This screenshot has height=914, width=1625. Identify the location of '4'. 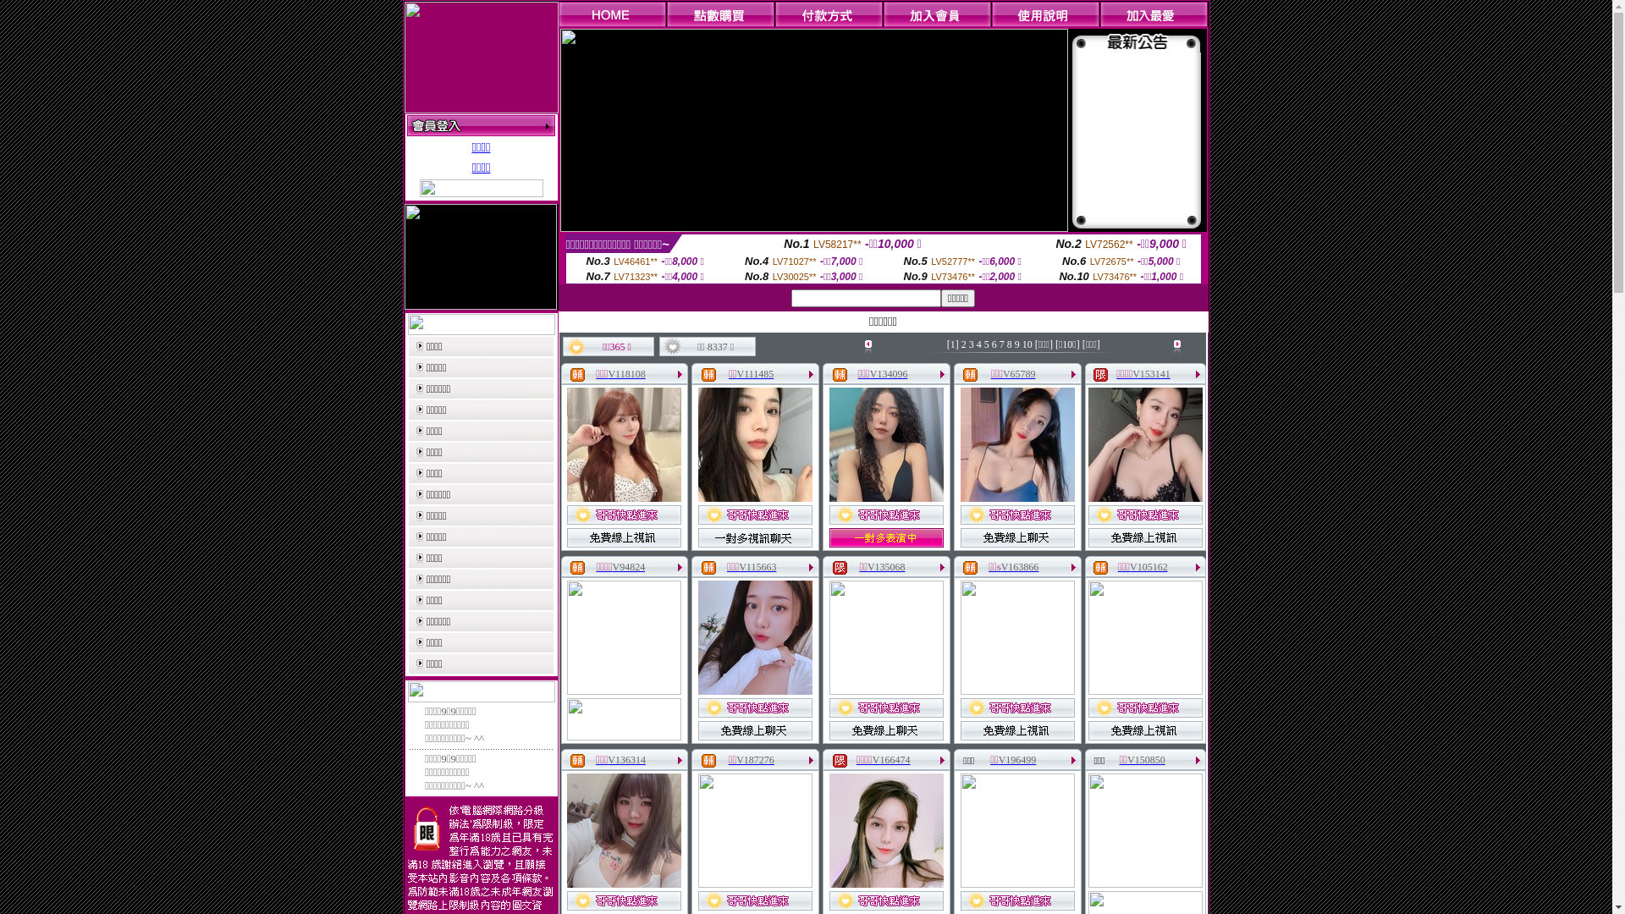
(976, 344).